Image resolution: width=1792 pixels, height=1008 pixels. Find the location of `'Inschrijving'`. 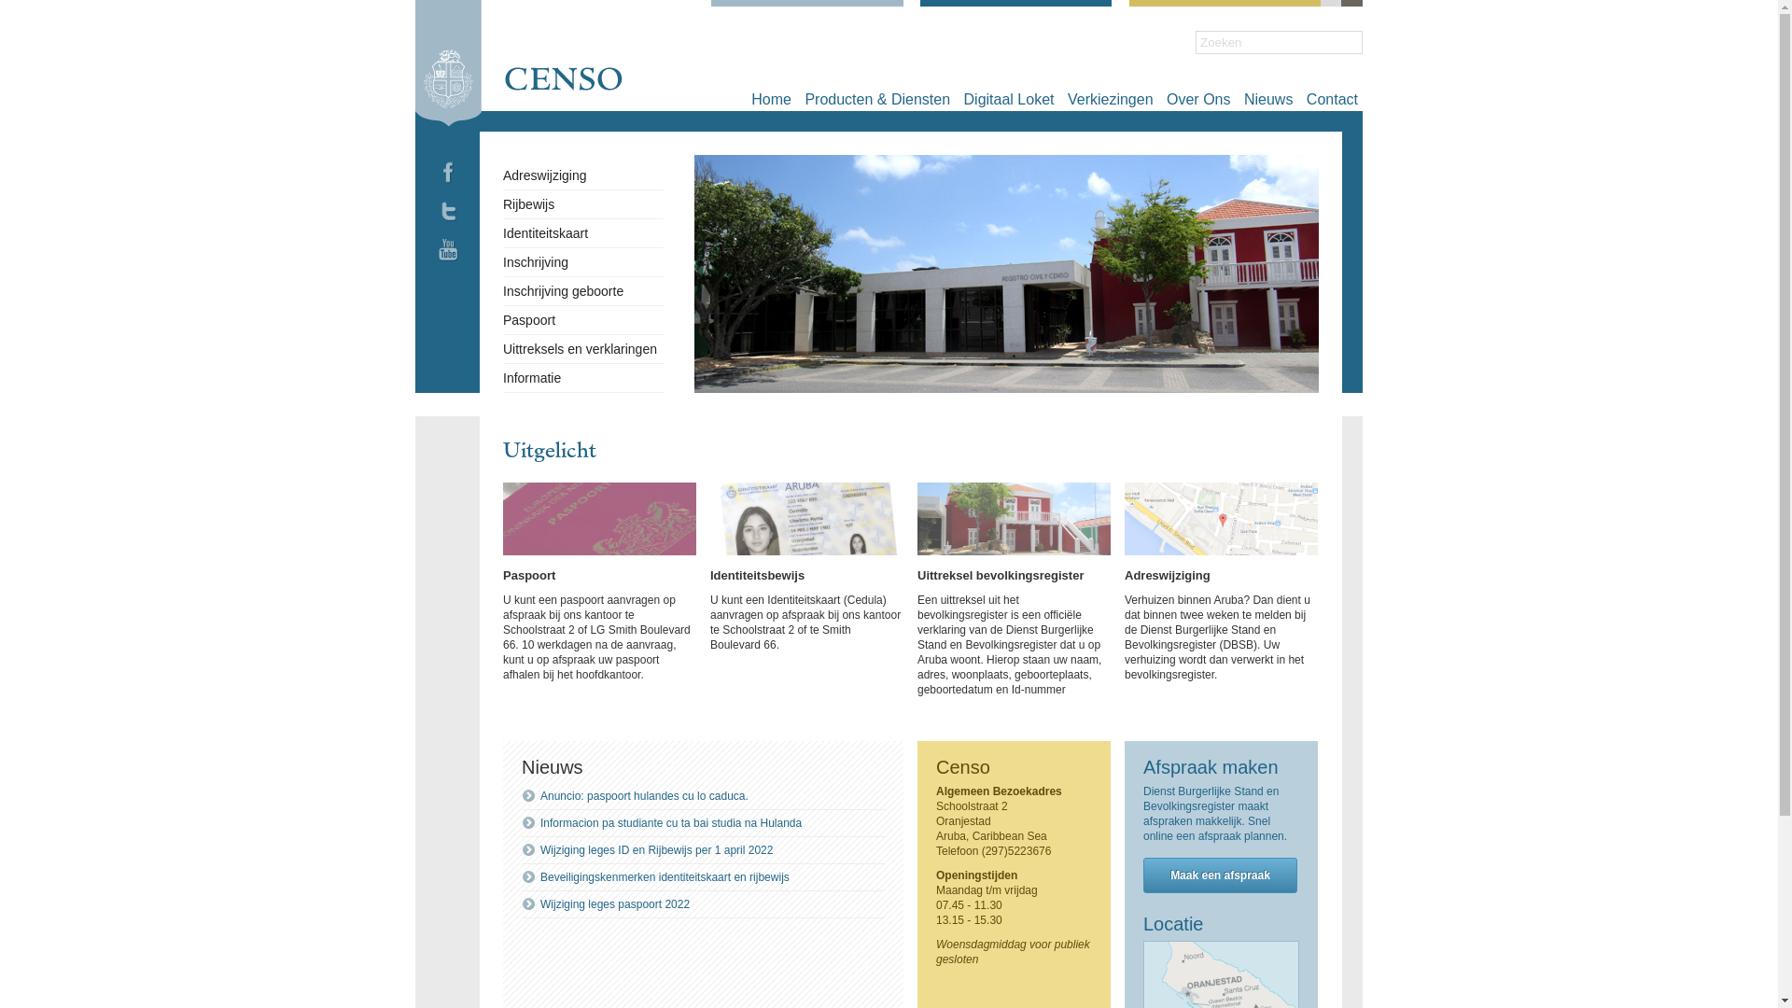

'Inschrijving' is located at coordinates (535, 262).